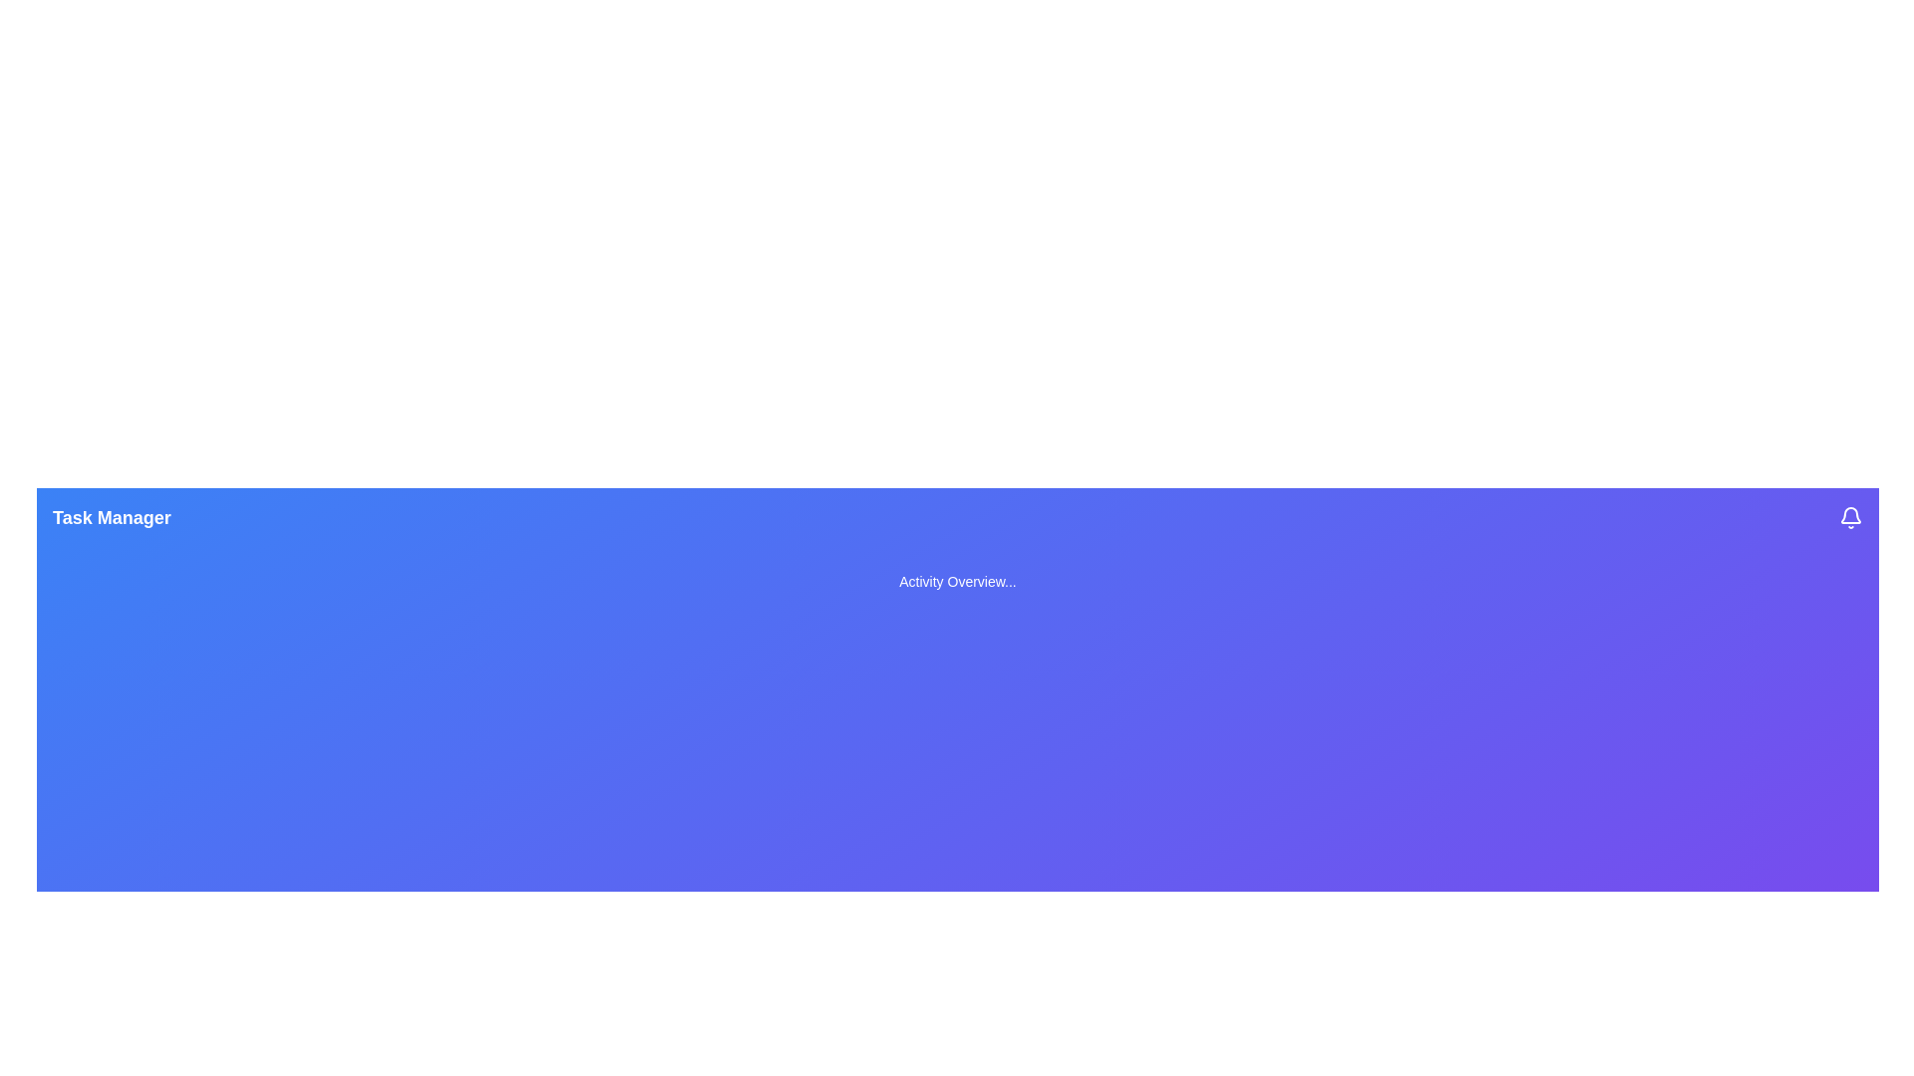 The height and width of the screenshot is (1076, 1914). What do you see at coordinates (111, 517) in the screenshot?
I see `the text label displaying 'Task Manager', which is styled in bold with a larger size and located on the left side of the header bar` at bounding box center [111, 517].